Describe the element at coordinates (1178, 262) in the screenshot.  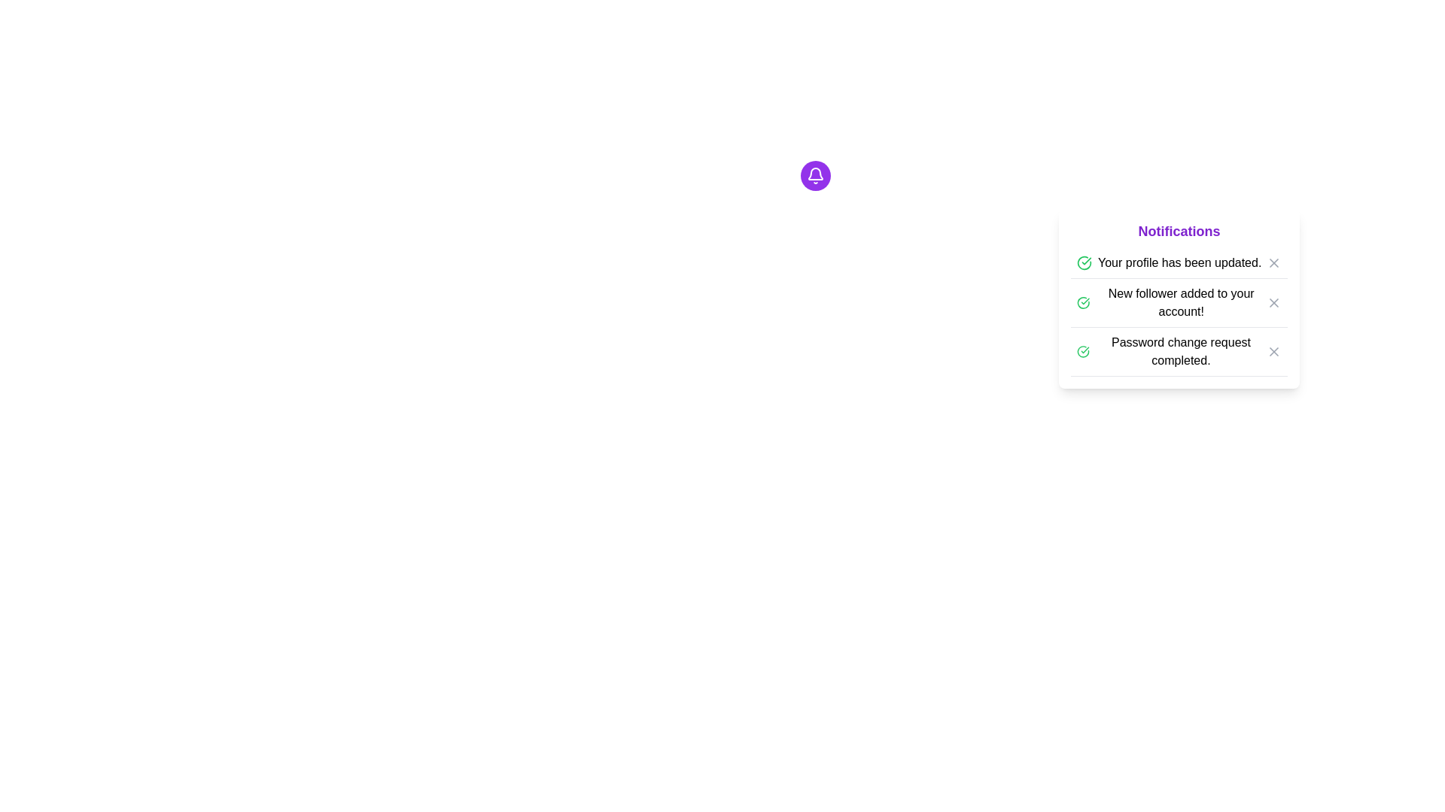
I see `the first notification entry that notifies the user about the successful update of their profile` at that location.